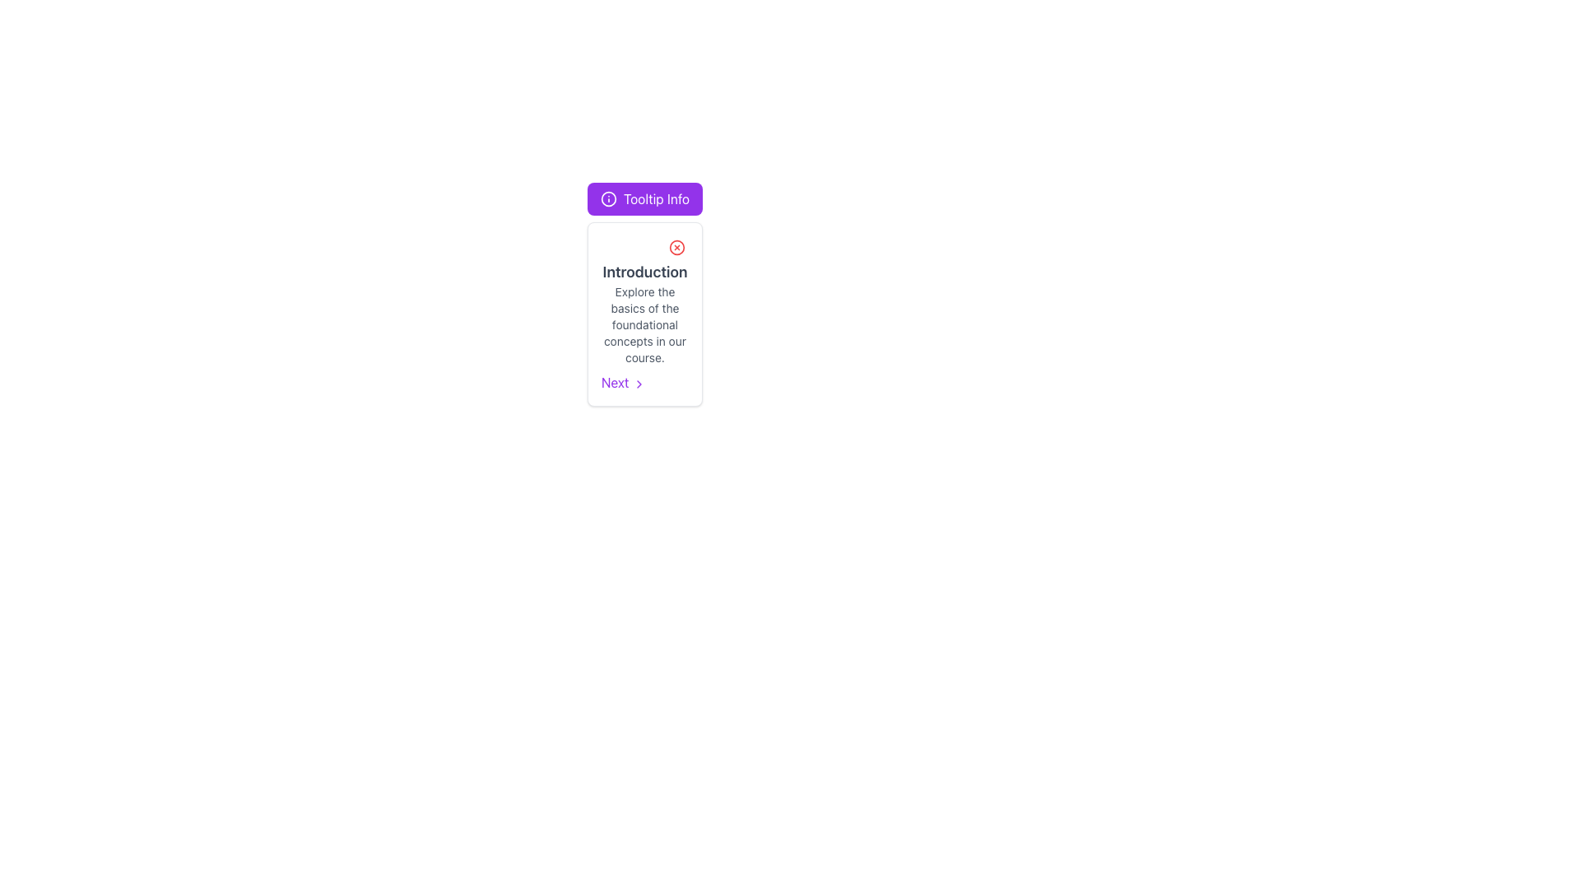 The height and width of the screenshot is (889, 1580). I want to click on the 'Next' button labeled in purple at the bottom of the 'Introduction' card, so click(622, 383).